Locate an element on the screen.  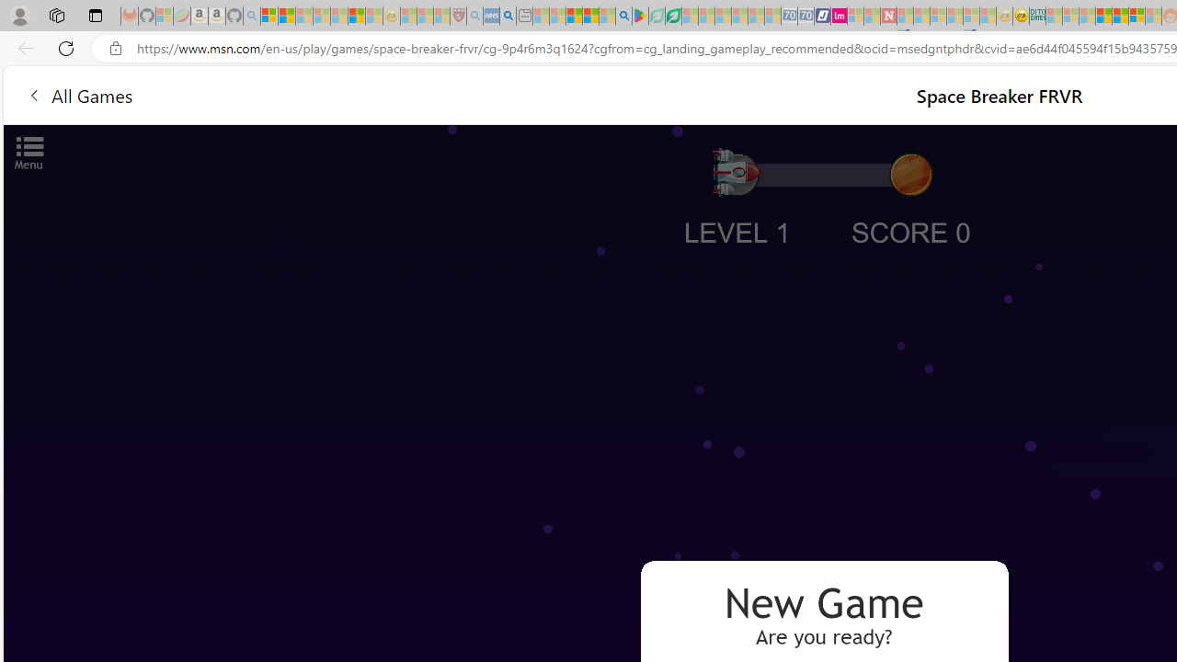
'utah sues federal government - Search' is located at coordinates (508, 16).